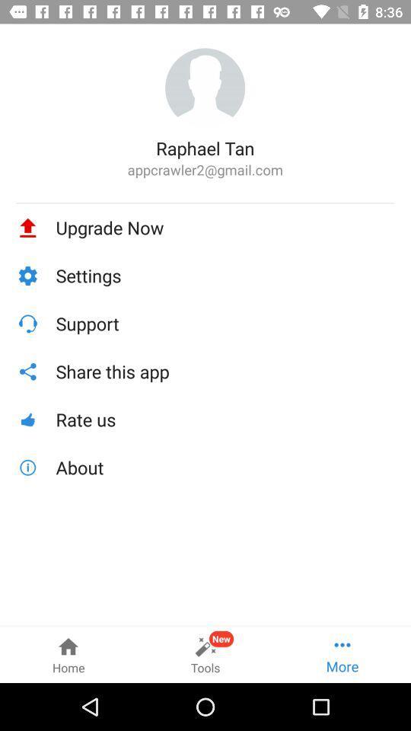  Describe the element at coordinates (225, 467) in the screenshot. I see `the icon below the rate us icon` at that location.